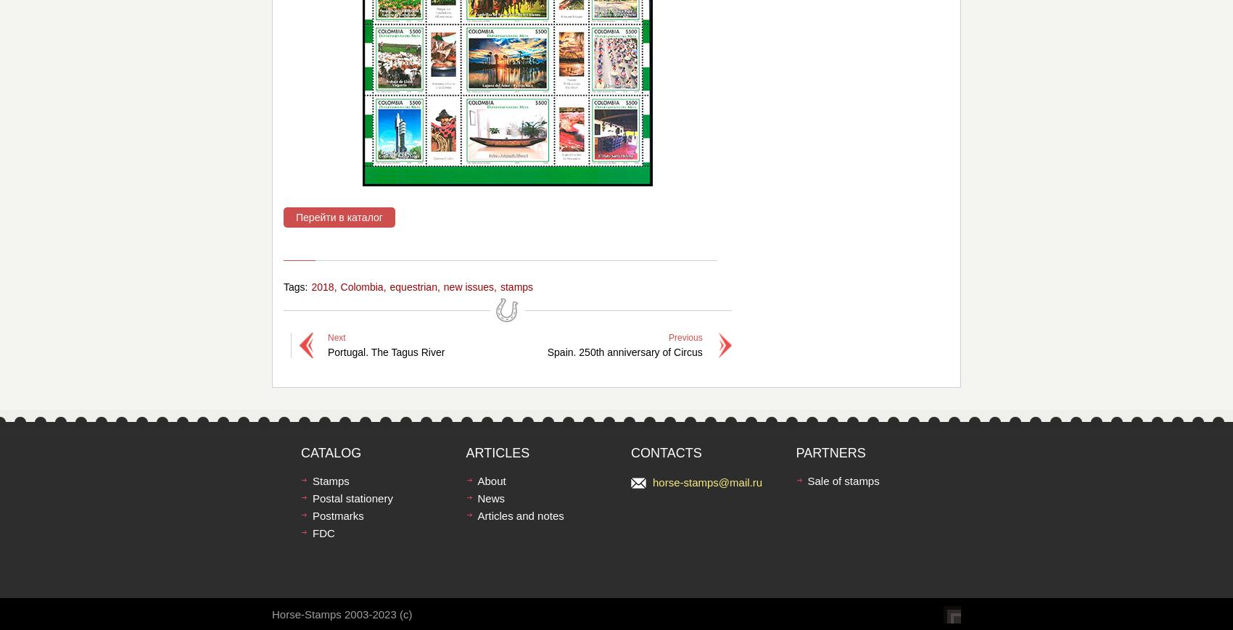  Describe the element at coordinates (469, 286) in the screenshot. I see `'new issues'` at that location.